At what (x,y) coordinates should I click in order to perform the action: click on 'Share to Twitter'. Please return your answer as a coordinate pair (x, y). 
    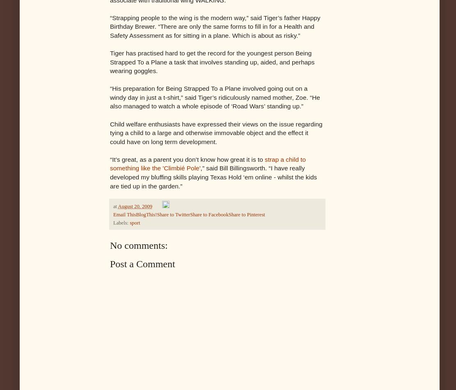
    Looking at the image, I should click on (173, 214).